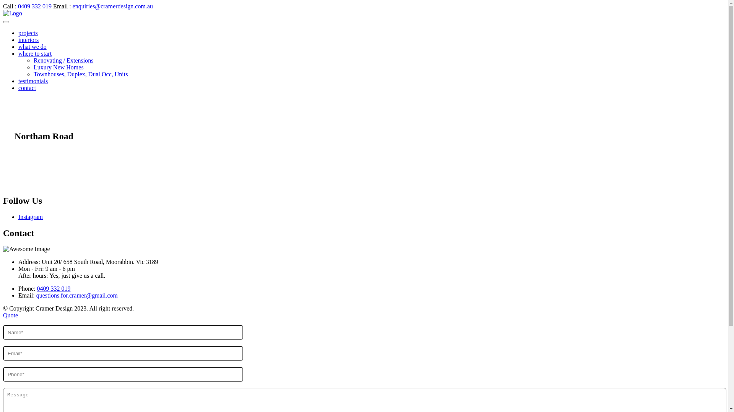 The width and height of the screenshot is (734, 412). What do you see at coordinates (58, 67) in the screenshot?
I see `'Luxury New Homes'` at bounding box center [58, 67].